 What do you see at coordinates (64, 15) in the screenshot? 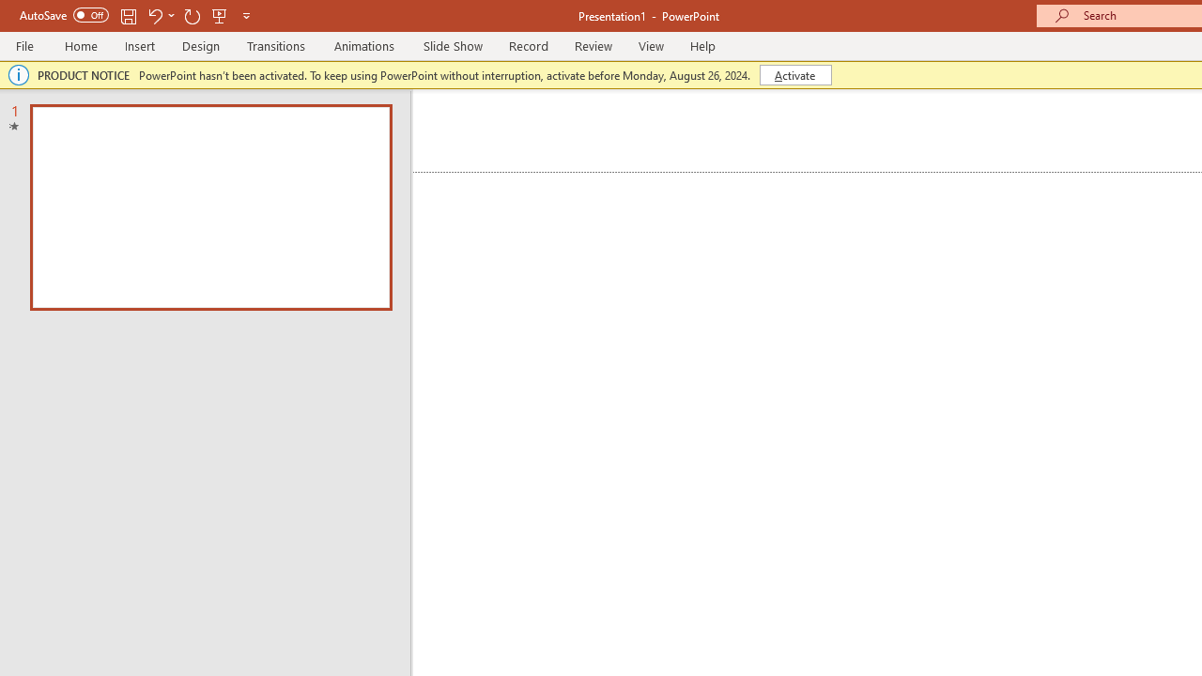
I see `'AutoSave'` at bounding box center [64, 15].